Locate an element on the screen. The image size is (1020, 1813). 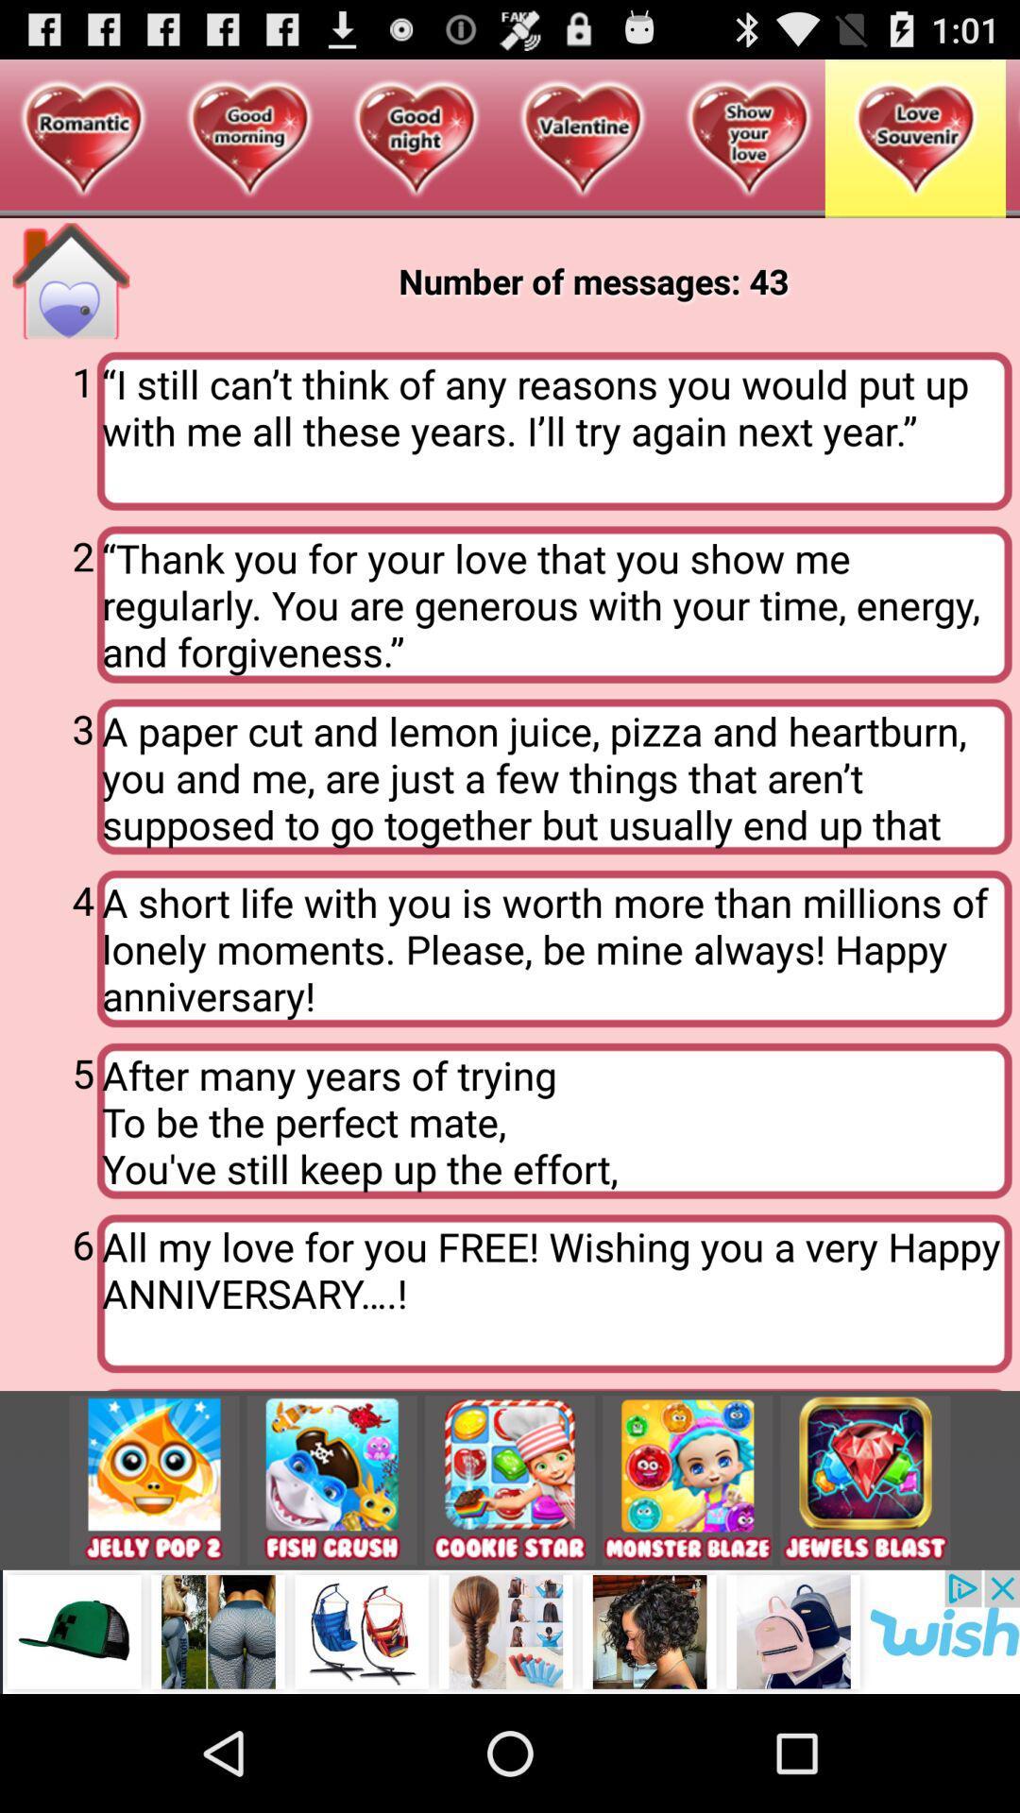
the emoji icon is located at coordinates (153, 1584).